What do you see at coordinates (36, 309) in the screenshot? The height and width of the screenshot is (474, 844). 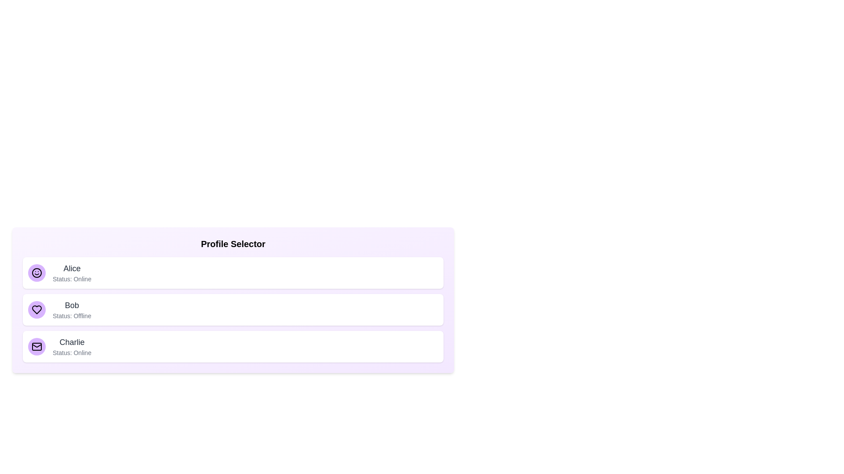 I see `the avatar associated with the profile Bob` at bounding box center [36, 309].